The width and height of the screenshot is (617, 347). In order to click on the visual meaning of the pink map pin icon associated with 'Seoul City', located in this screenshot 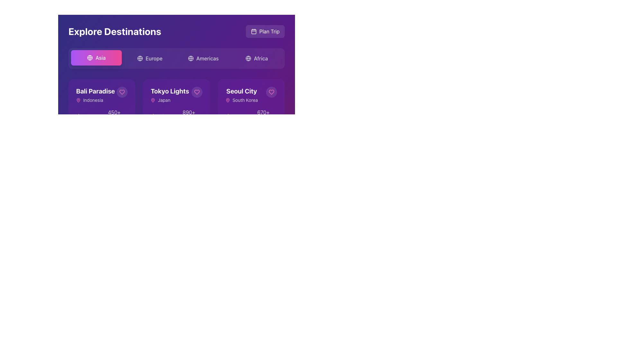, I will do `click(228, 100)`.